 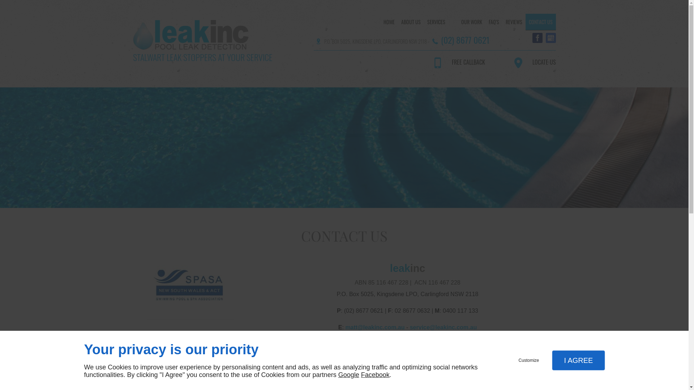 What do you see at coordinates (348, 374) in the screenshot?
I see `'Google'` at bounding box center [348, 374].